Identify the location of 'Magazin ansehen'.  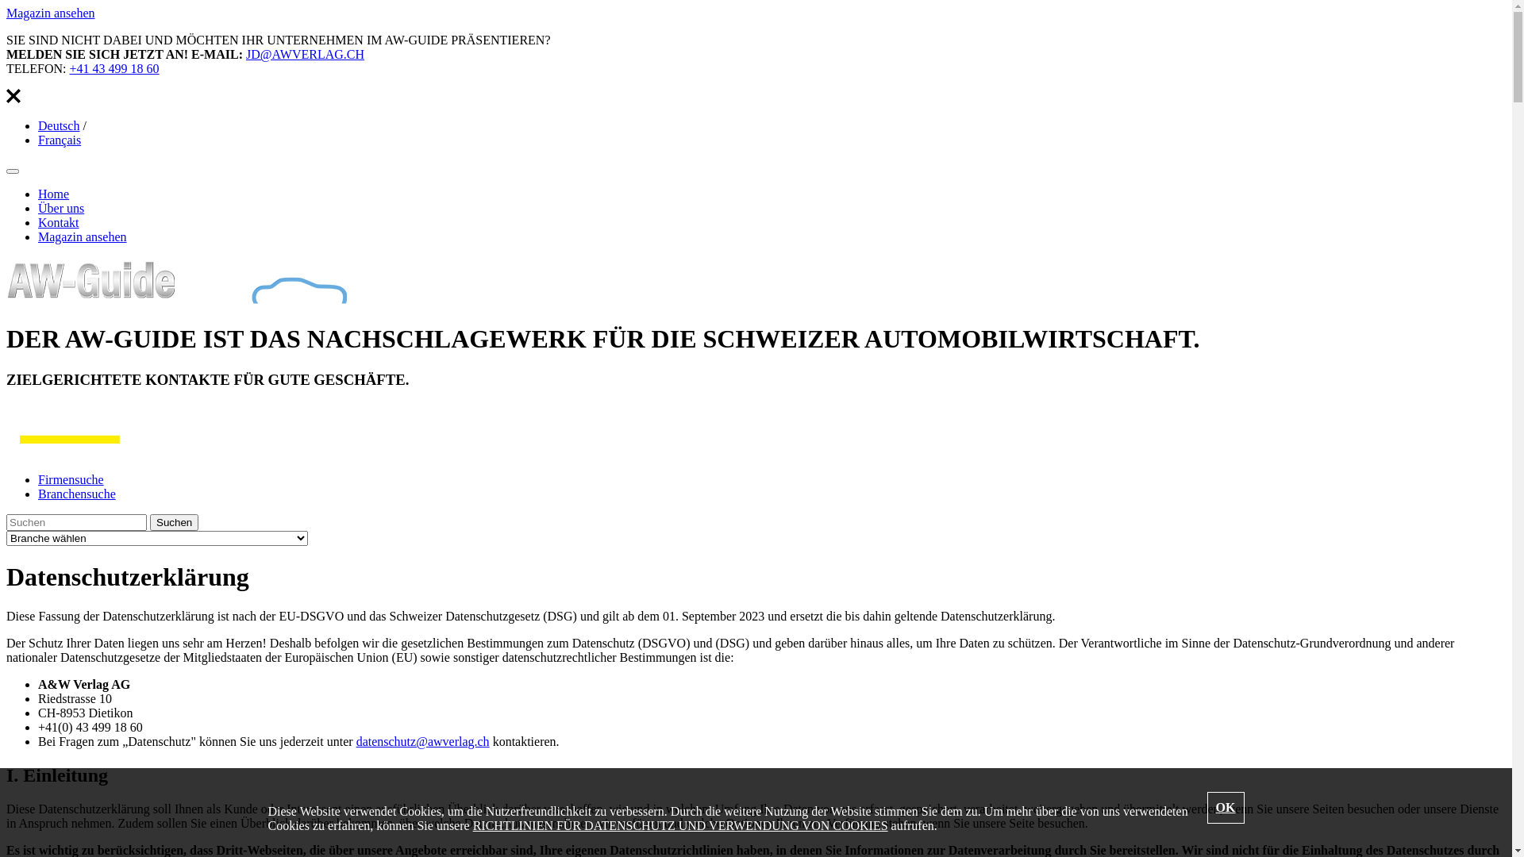
(82, 236).